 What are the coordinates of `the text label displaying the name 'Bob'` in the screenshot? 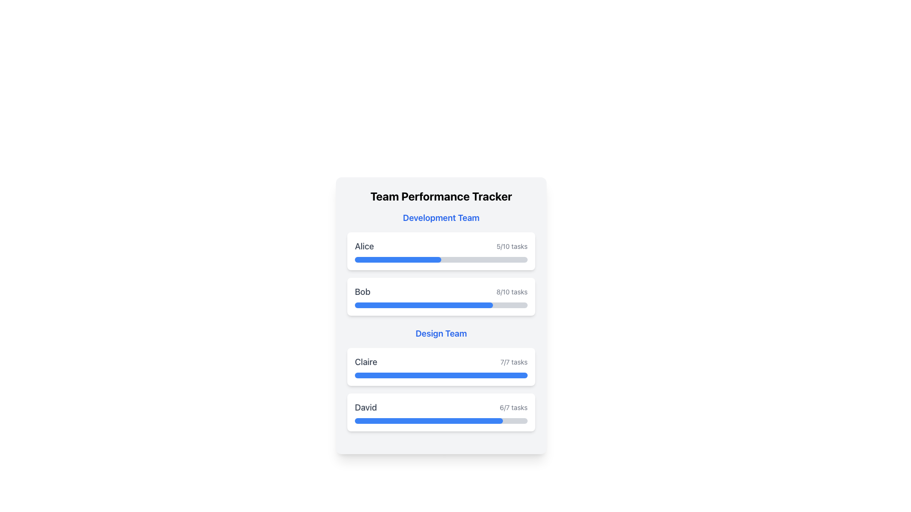 It's located at (362, 292).